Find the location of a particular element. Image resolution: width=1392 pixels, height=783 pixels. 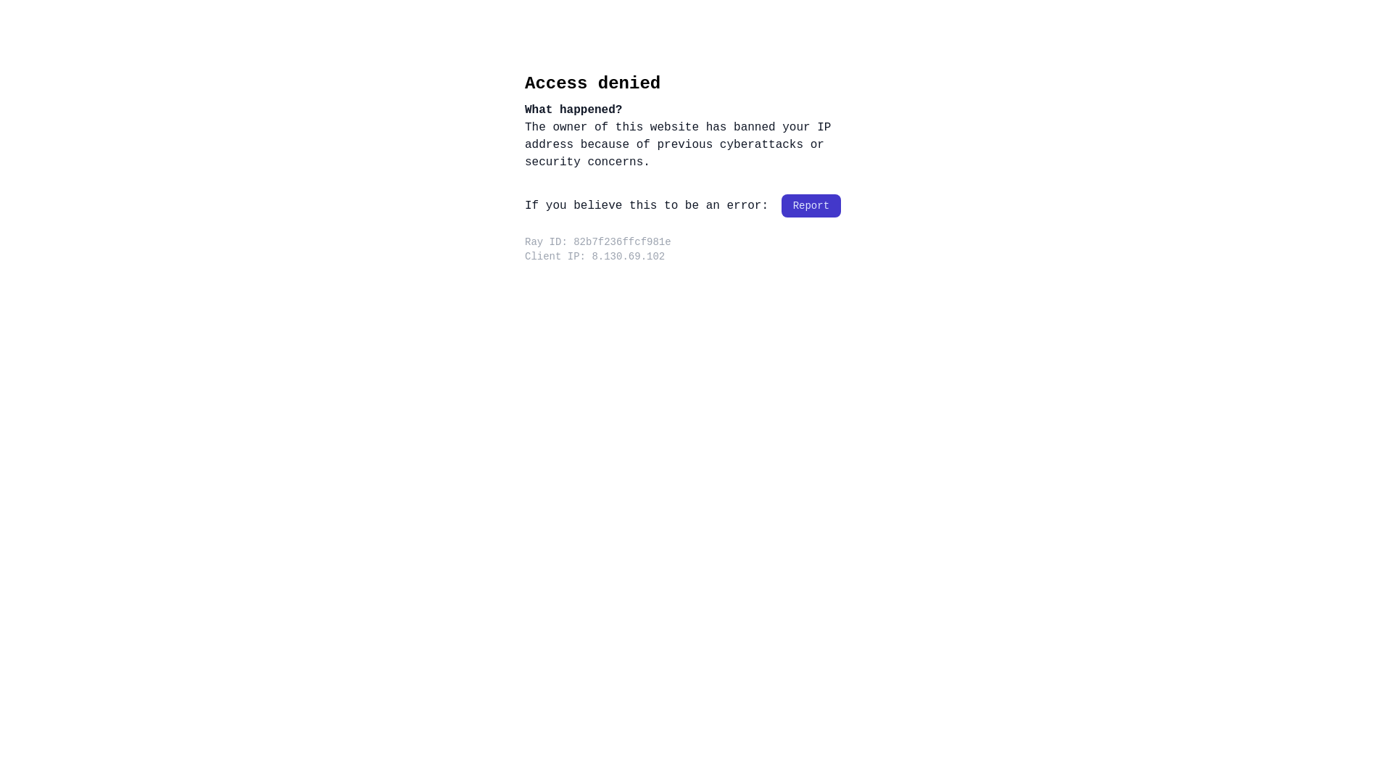

'Report' is located at coordinates (810, 206).